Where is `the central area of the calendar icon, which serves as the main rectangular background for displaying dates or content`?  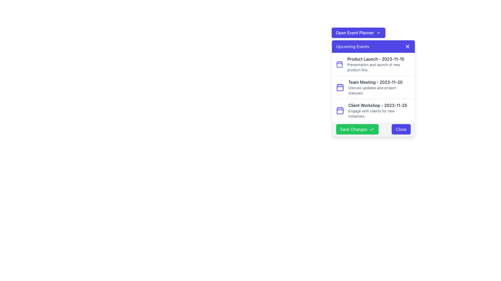
the central area of the calendar icon, which serves as the main rectangular background for displaying dates or content is located at coordinates (339, 64).